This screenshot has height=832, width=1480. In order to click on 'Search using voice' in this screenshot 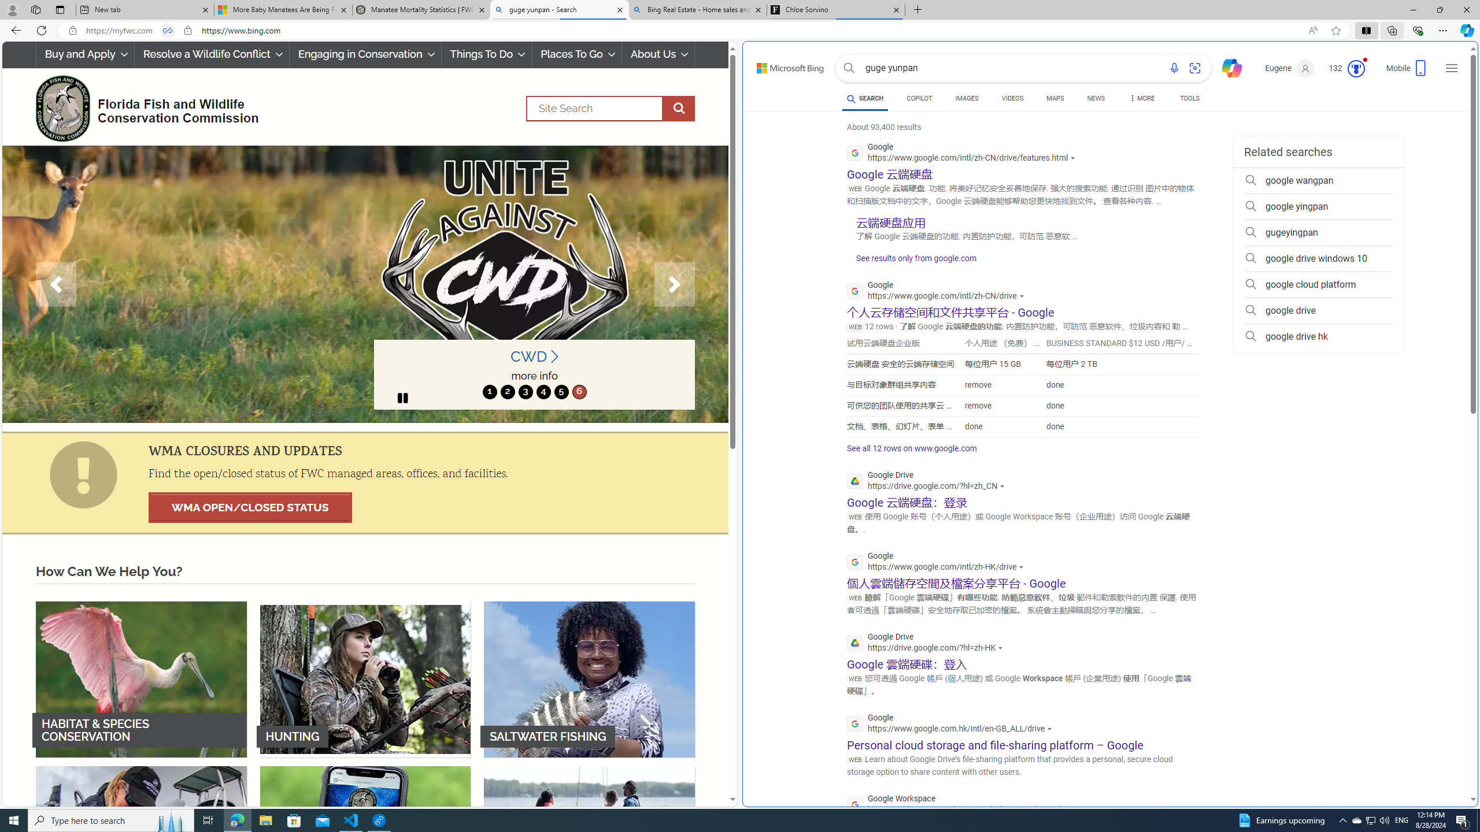, I will do `click(1174, 68)`.